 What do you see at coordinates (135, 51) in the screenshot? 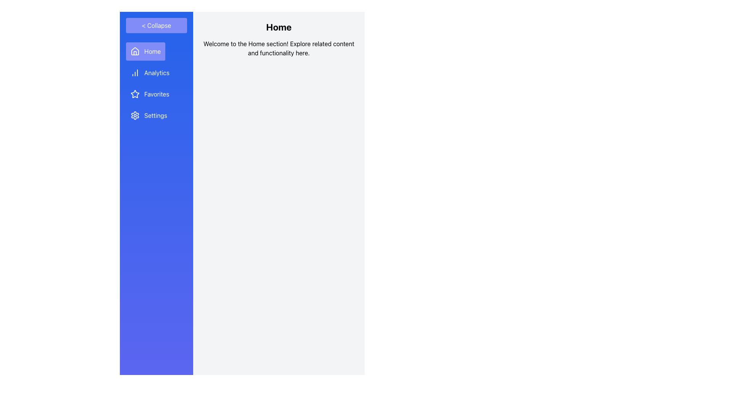
I see `the 'Home' menu icon in the sidebar` at bounding box center [135, 51].